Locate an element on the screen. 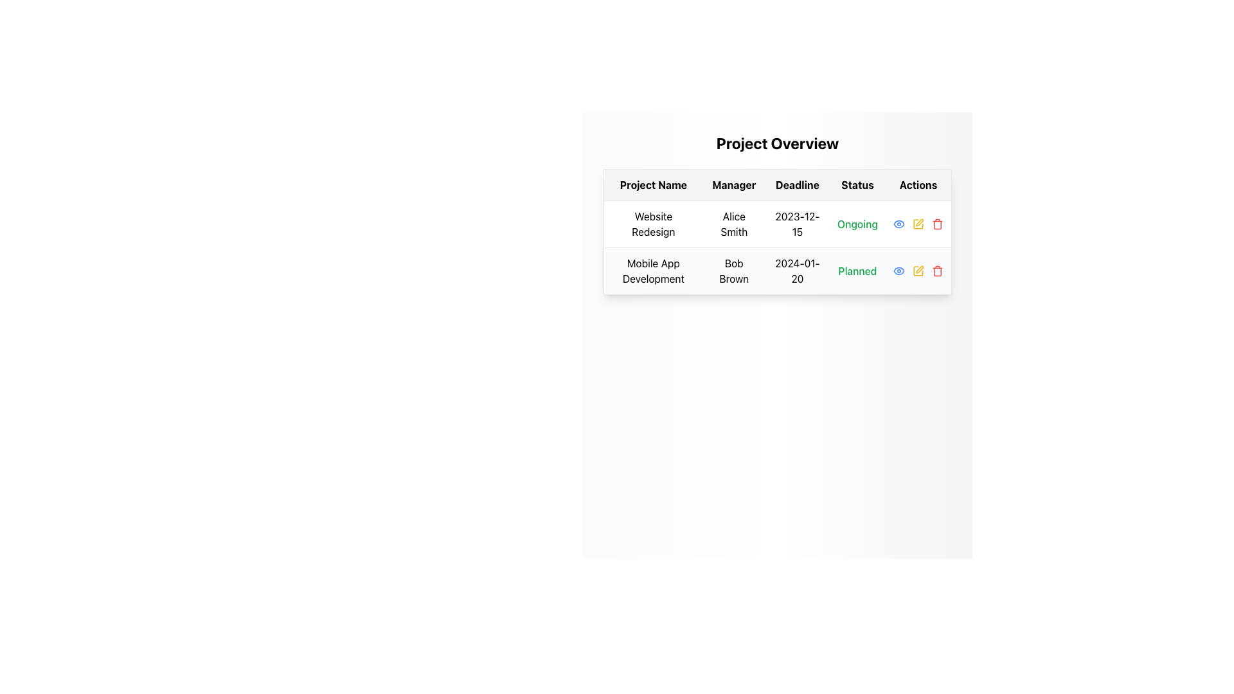 The width and height of the screenshot is (1234, 694). the Table Header element labeled 'Manager', which is the second column header in the table, positioned between 'Project Name' and 'Deadline' is located at coordinates (734, 185).